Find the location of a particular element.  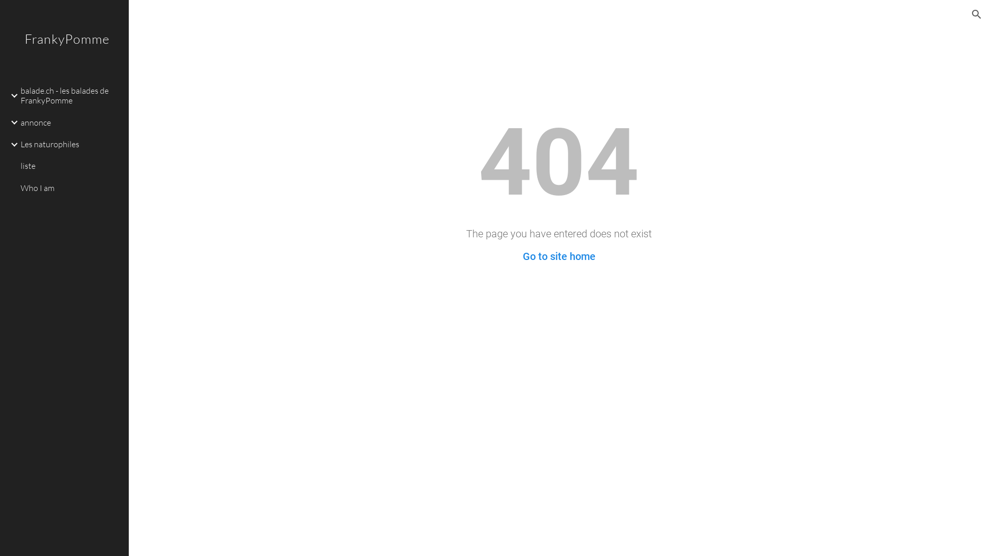

'balade.ch - les balades de FrankyPomme' is located at coordinates (70, 95).